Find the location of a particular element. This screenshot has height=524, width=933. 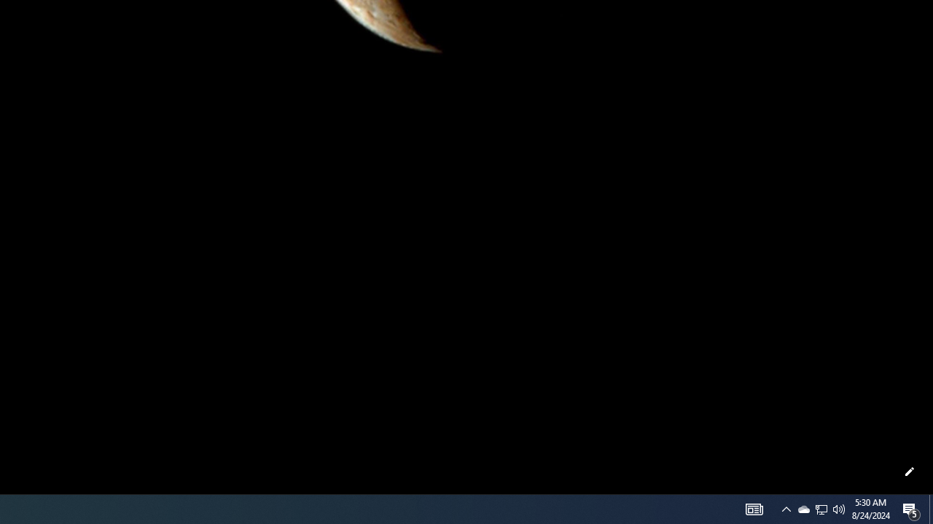

'Customize this page' is located at coordinates (909, 472).